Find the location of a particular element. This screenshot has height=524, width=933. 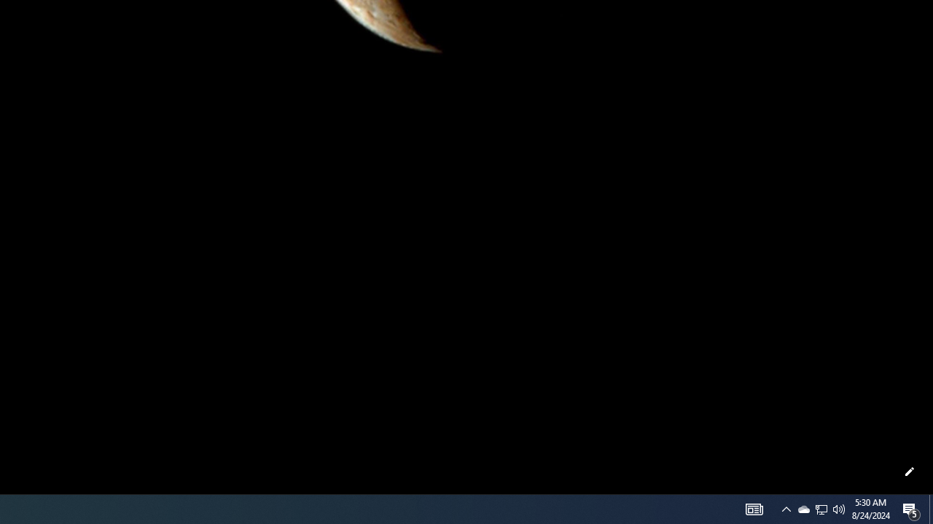

'Customize this page' is located at coordinates (909, 472).